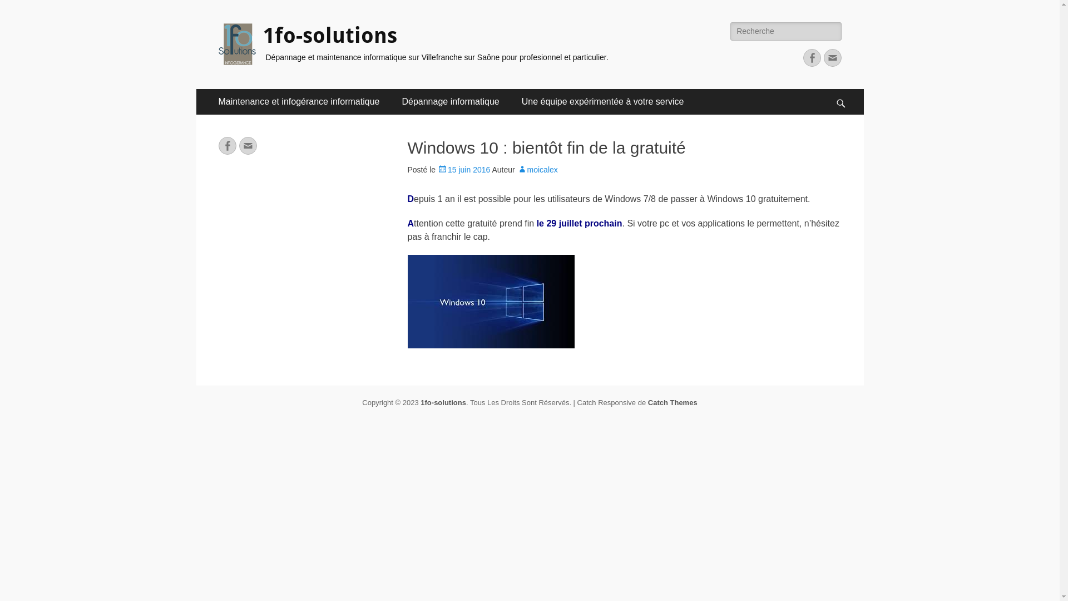  What do you see at coordinates (517, 169) in the screenshot?
I see `'moicalex'` at bounding box center [517, 169].